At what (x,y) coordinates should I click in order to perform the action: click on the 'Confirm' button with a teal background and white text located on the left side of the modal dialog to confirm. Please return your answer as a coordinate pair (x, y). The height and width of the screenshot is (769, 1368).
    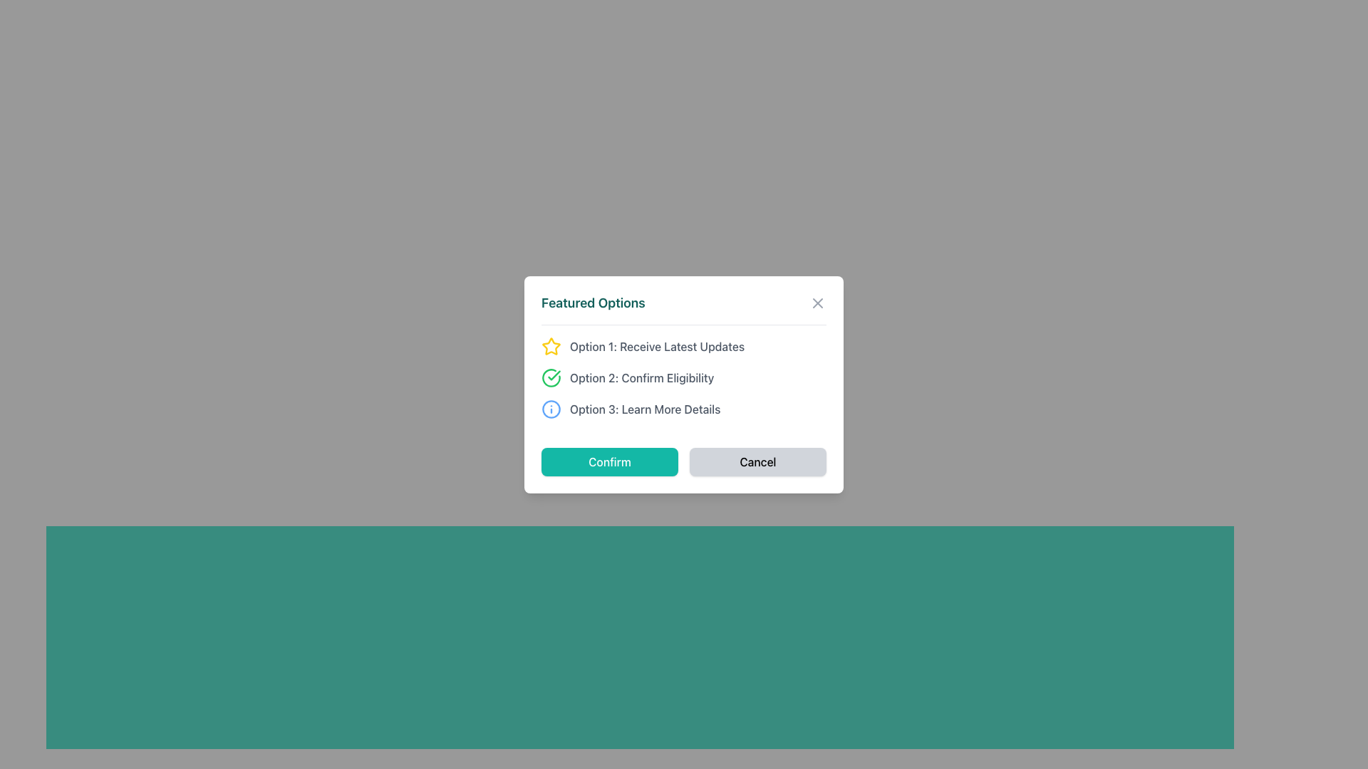
    Looking at the image, I should click on (609, 461).